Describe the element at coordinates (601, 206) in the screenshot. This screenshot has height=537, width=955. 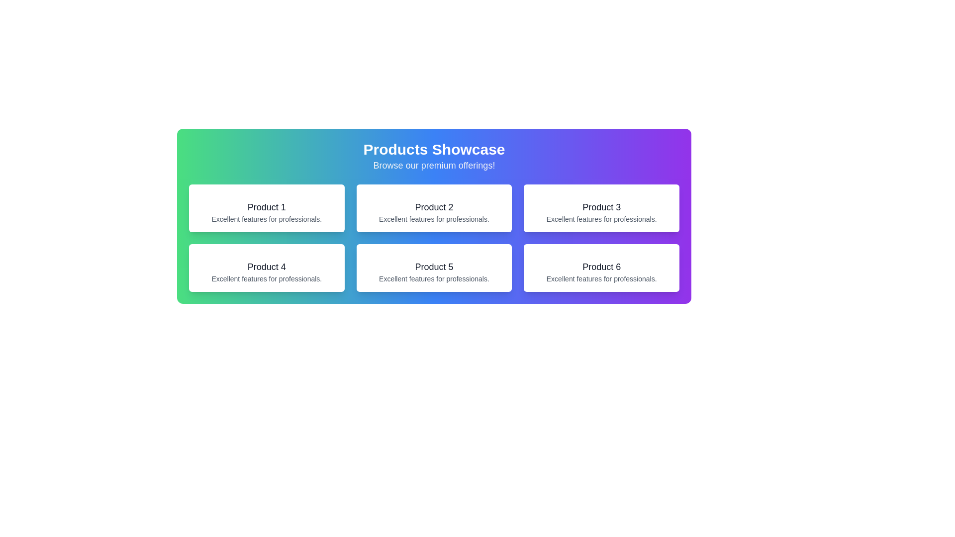
I see `the Text label displaying the product name, which is the third item from the left in the top row of the grid layout, located below 'Products Showcase' and above the descriptive text 'Excellent features for professionals.'` at that location.